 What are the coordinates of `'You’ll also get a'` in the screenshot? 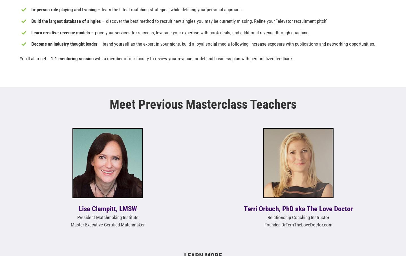 It's located at (19, 58).